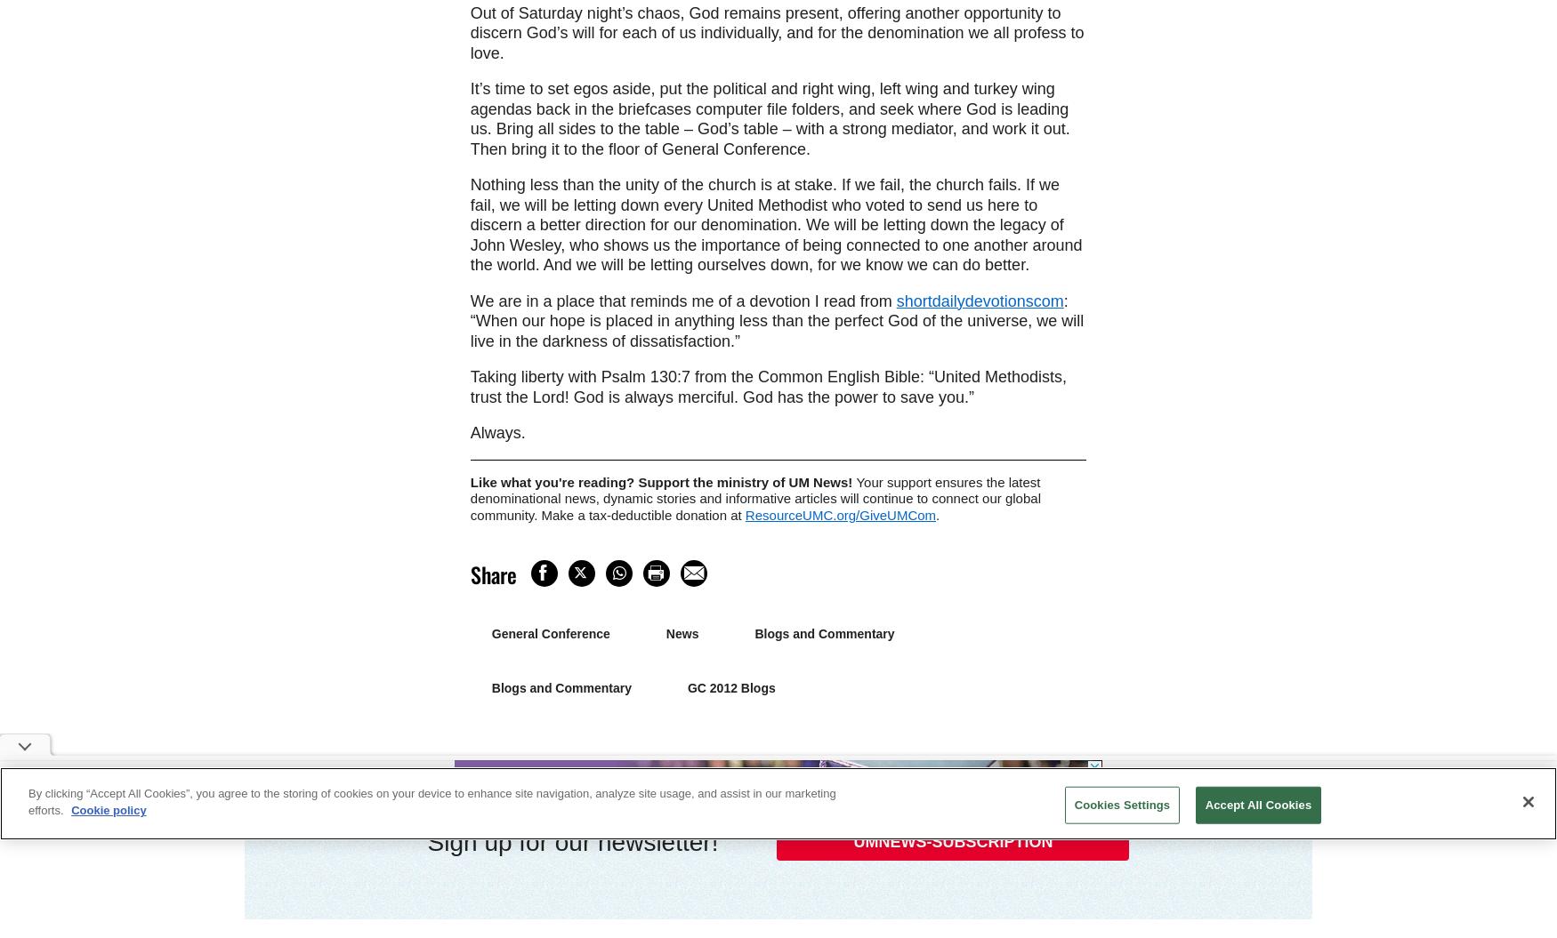 The height and width of the screenshot is (938, 1557). I want to click on 'It’s time to set egos aside, put the political and right wing, left wing and turkey wing agendas back in the briefcases computer file folders, and seek where God is leading us. Bring all sides to the table – God’s table – with a strong mediator, and work it out. Then bring it to the floor of General Conference.', so click(770, 118).